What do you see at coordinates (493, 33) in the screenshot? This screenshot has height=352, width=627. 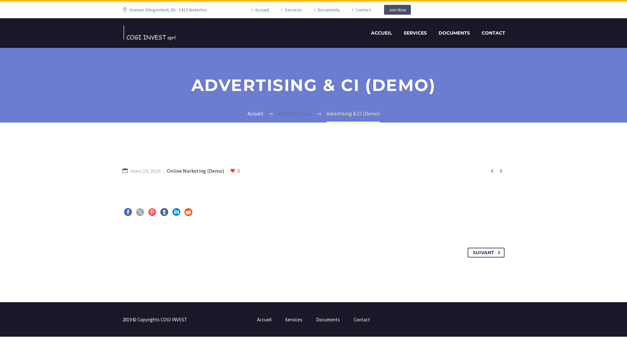 I see `'CONTACT'` at bounding box center [493, 33].